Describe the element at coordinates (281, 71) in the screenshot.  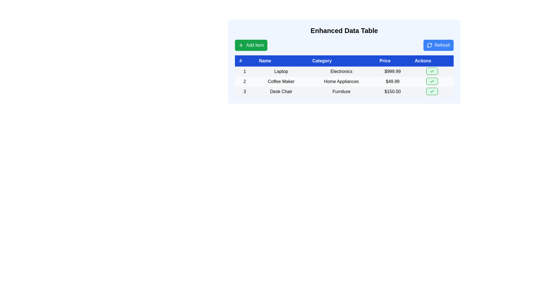
I see `the Text label in the second column of the first row of the data table, which displays the name or title of the item` at that location.